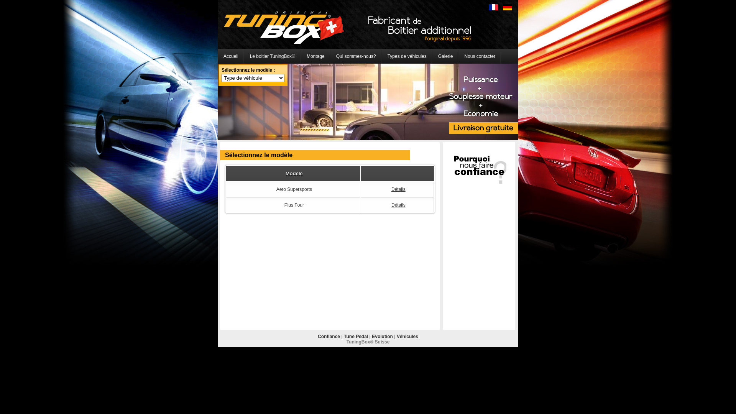  I want to click on 'Evolution', so click(382, 336).